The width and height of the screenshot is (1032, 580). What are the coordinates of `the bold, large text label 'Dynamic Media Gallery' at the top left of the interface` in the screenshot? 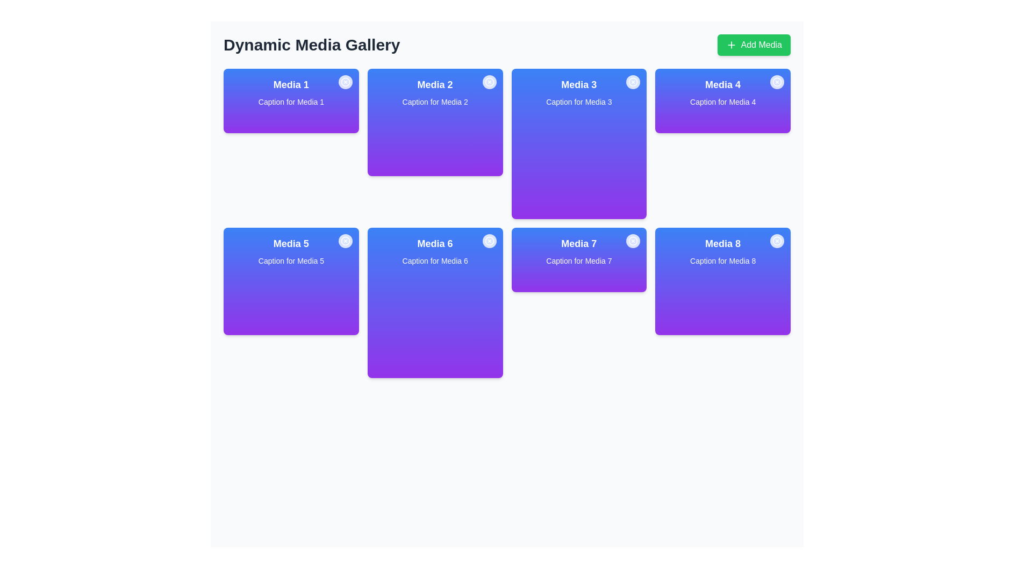 It's located at (311, 45).